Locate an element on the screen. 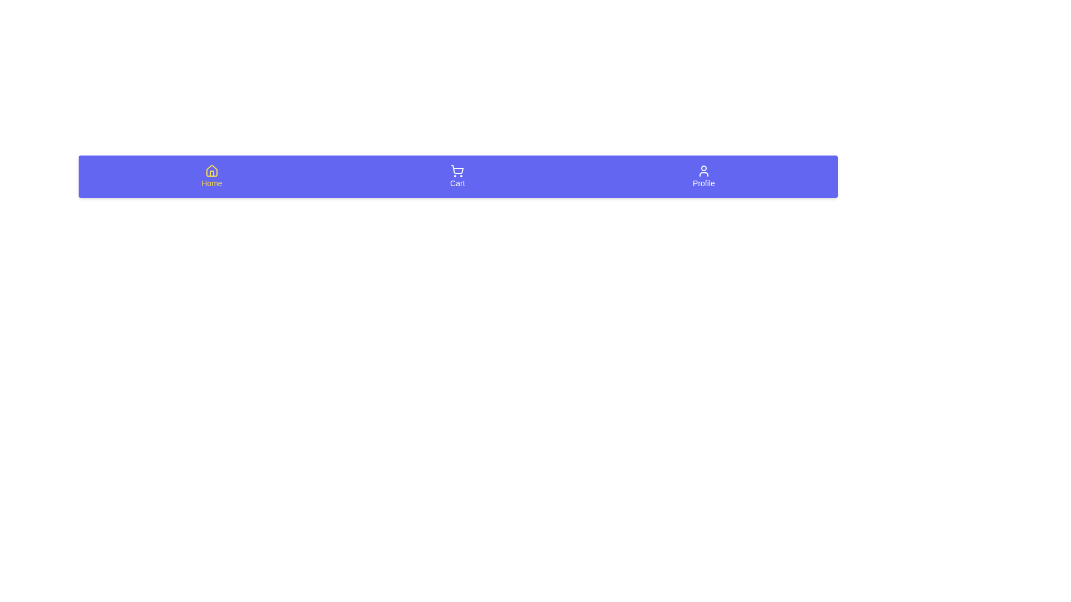 This screenshot has width=1071, height=602. the Home tab in the bottom navigation bar is located at coordinates (211, 176).